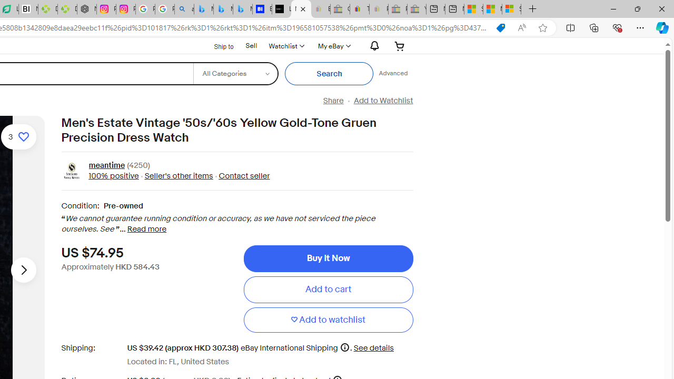 Image resolution: width=674 pixels, height=379 pixels. I want to click on 'My eBayExpand My eBay', so click(332, 45).